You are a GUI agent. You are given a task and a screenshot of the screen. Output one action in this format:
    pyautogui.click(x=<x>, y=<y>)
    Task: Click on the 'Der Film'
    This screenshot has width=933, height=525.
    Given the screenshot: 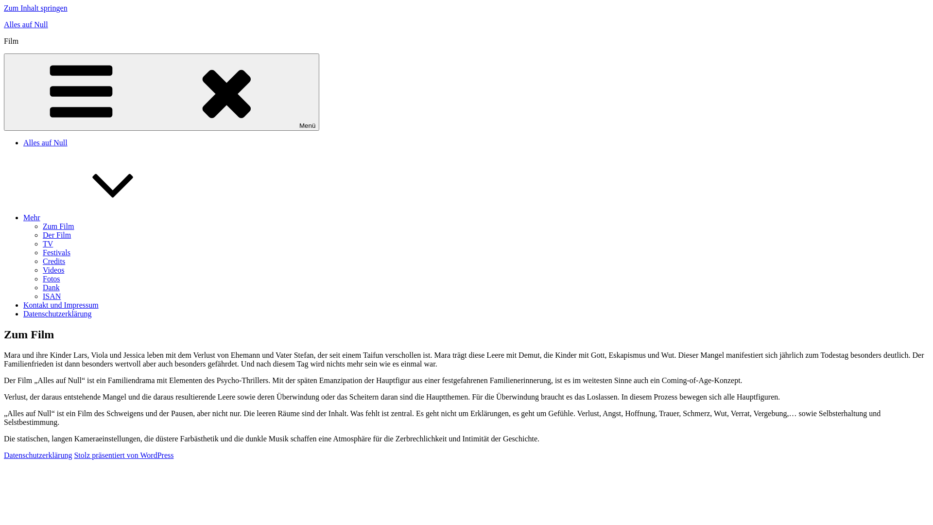 What is the action you would take?
    pyautogui.click(x=56, y=235)
    